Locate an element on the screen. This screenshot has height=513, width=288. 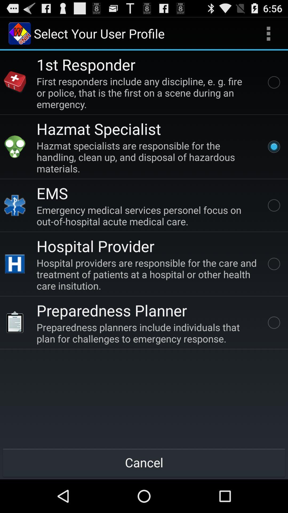
the icon below the notification bar is located at coordinates (19, 33).